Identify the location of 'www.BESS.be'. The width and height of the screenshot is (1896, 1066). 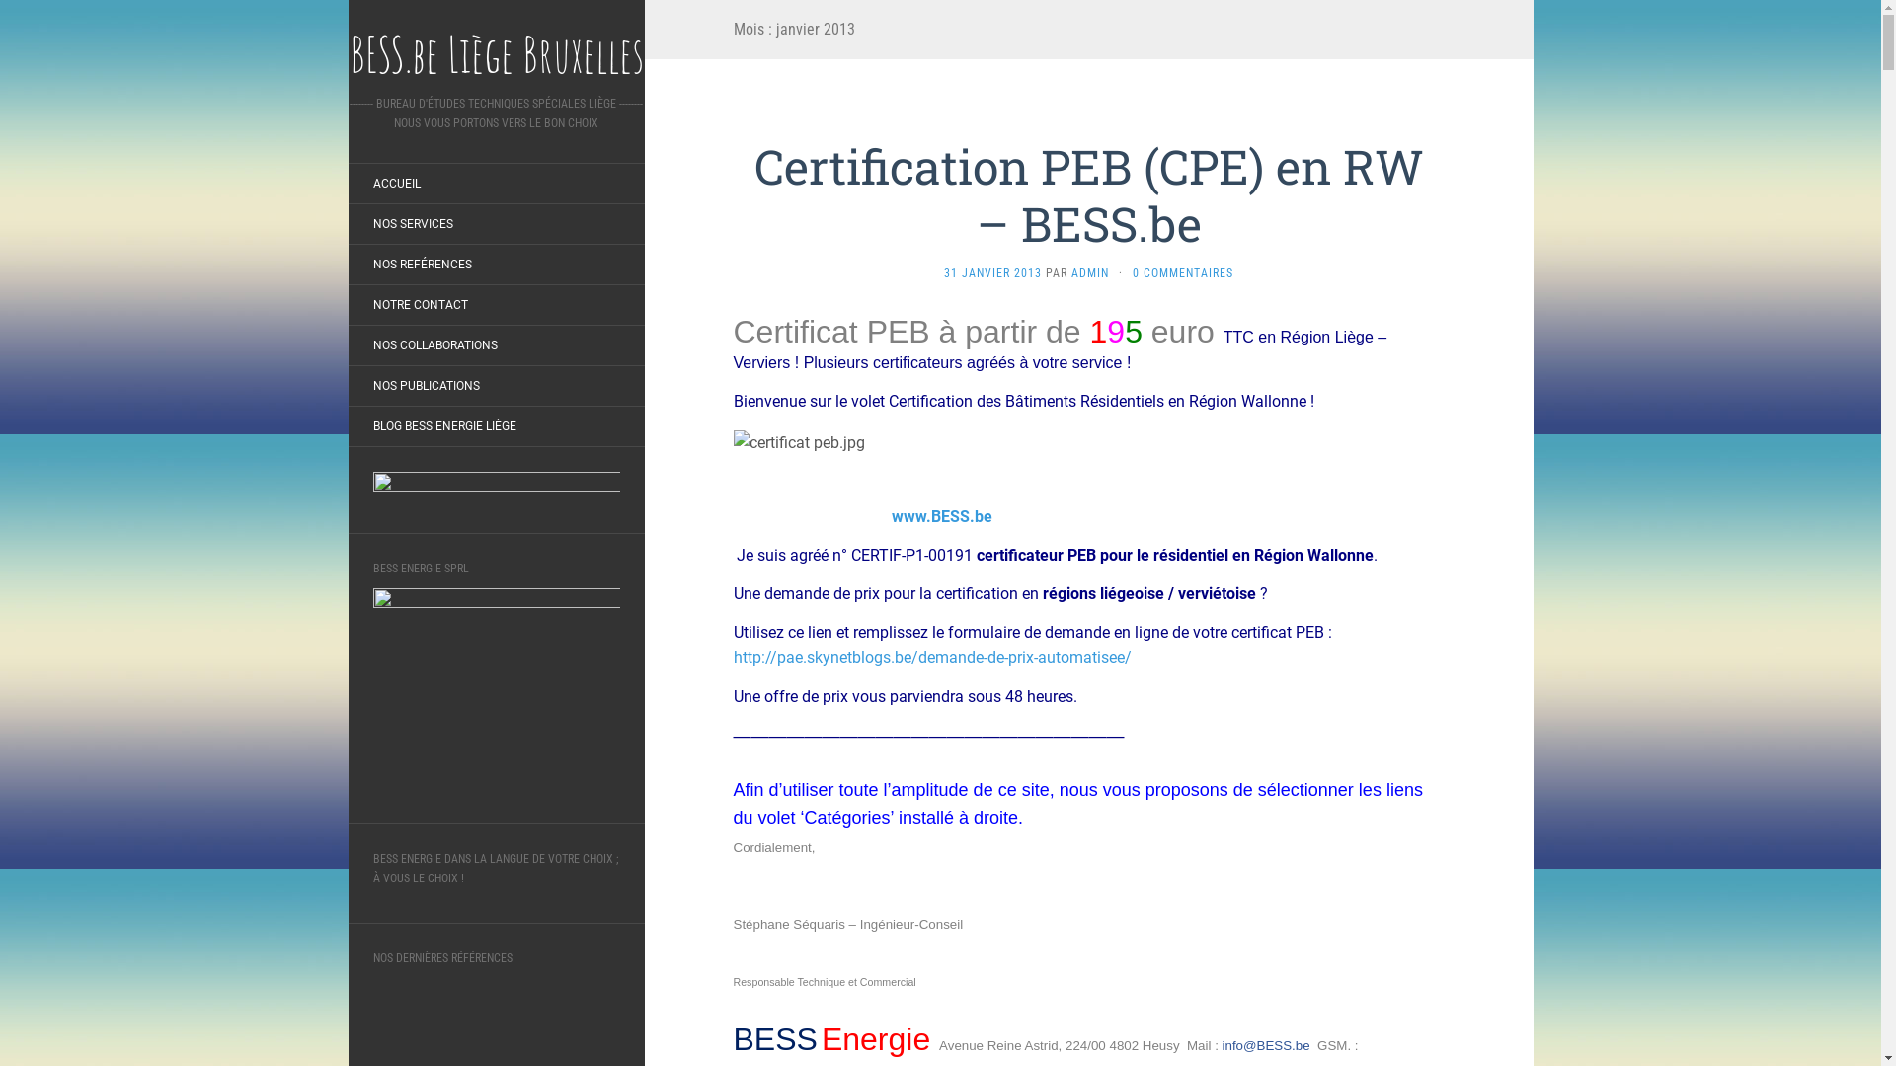
(941, 515).